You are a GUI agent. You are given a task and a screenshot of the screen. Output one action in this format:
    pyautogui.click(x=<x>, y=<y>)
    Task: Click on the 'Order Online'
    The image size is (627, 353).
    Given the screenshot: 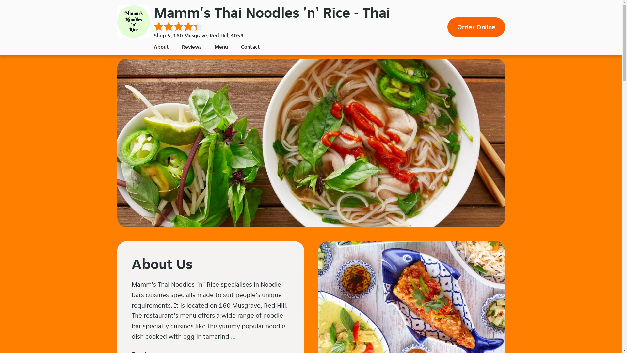 What is the action you would take?
    pyautogui.click(x=476, y=27)
    